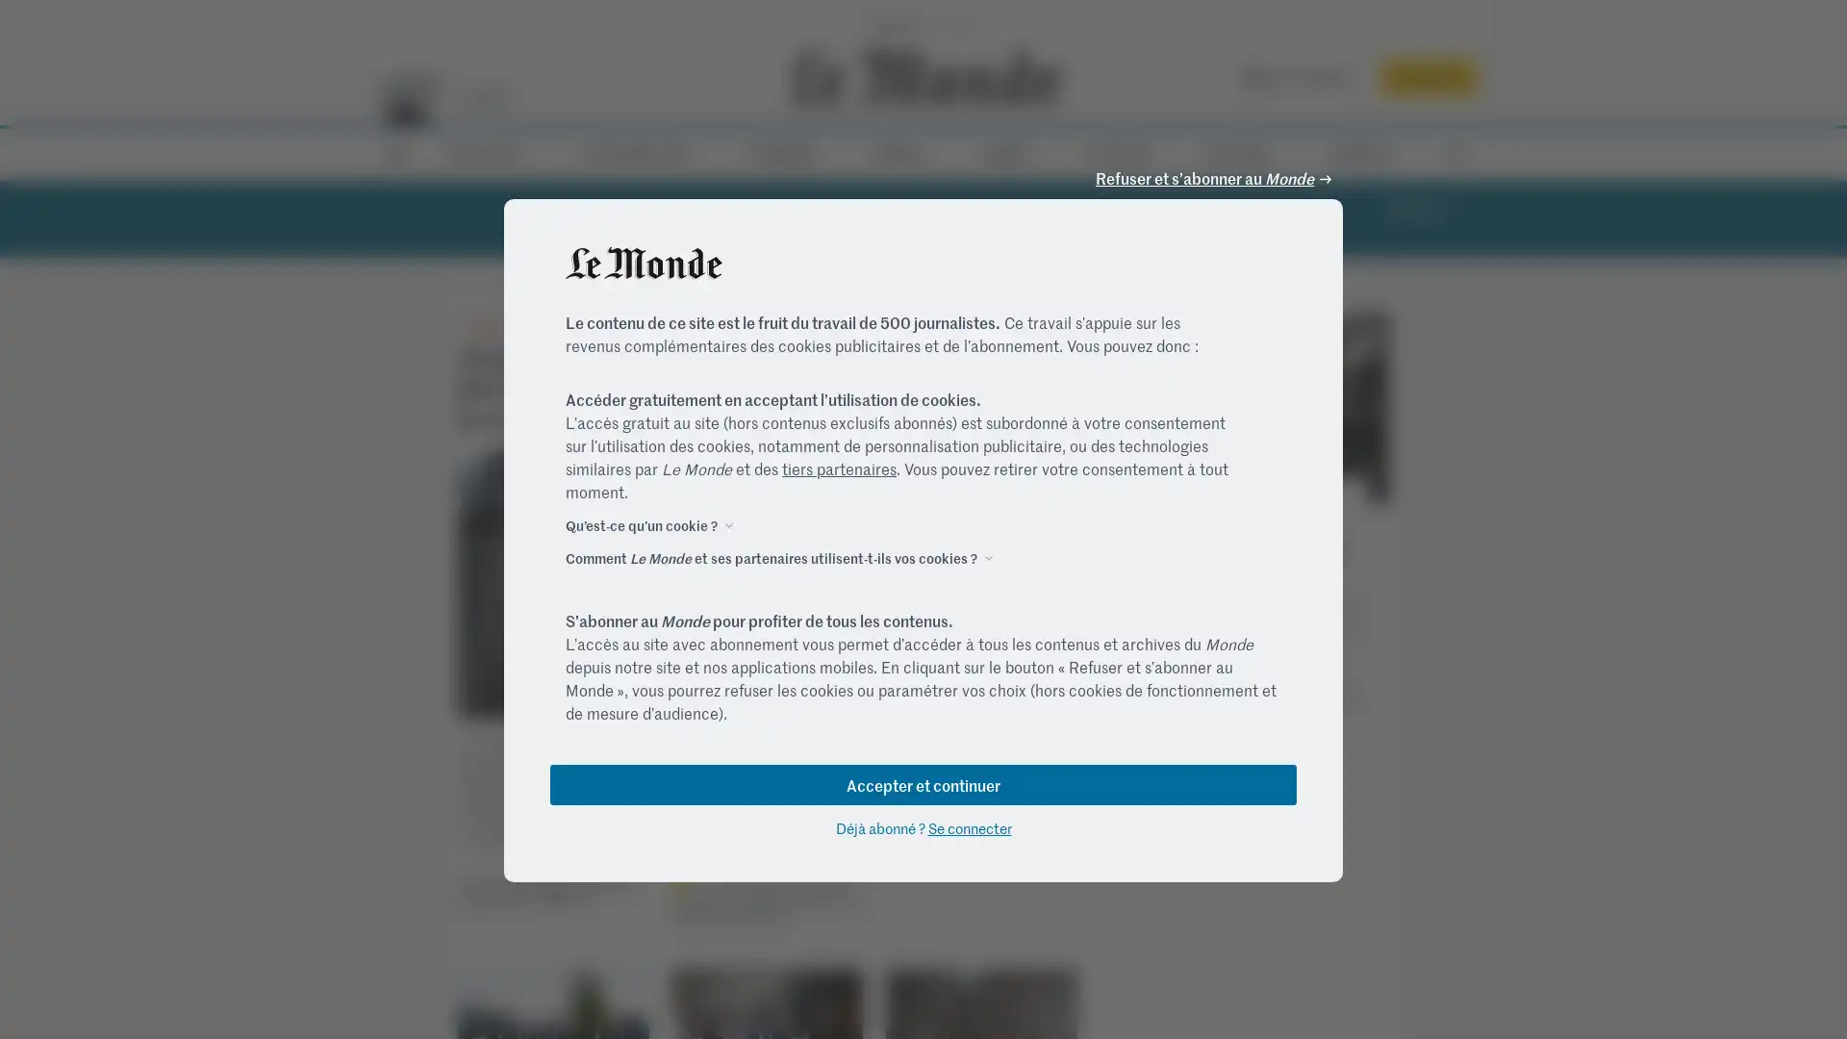  What do you see at coordinates (642, 523) in the screenshot?
I see `Quest-ce quun cookie ?` at bounding box center [642, 523].